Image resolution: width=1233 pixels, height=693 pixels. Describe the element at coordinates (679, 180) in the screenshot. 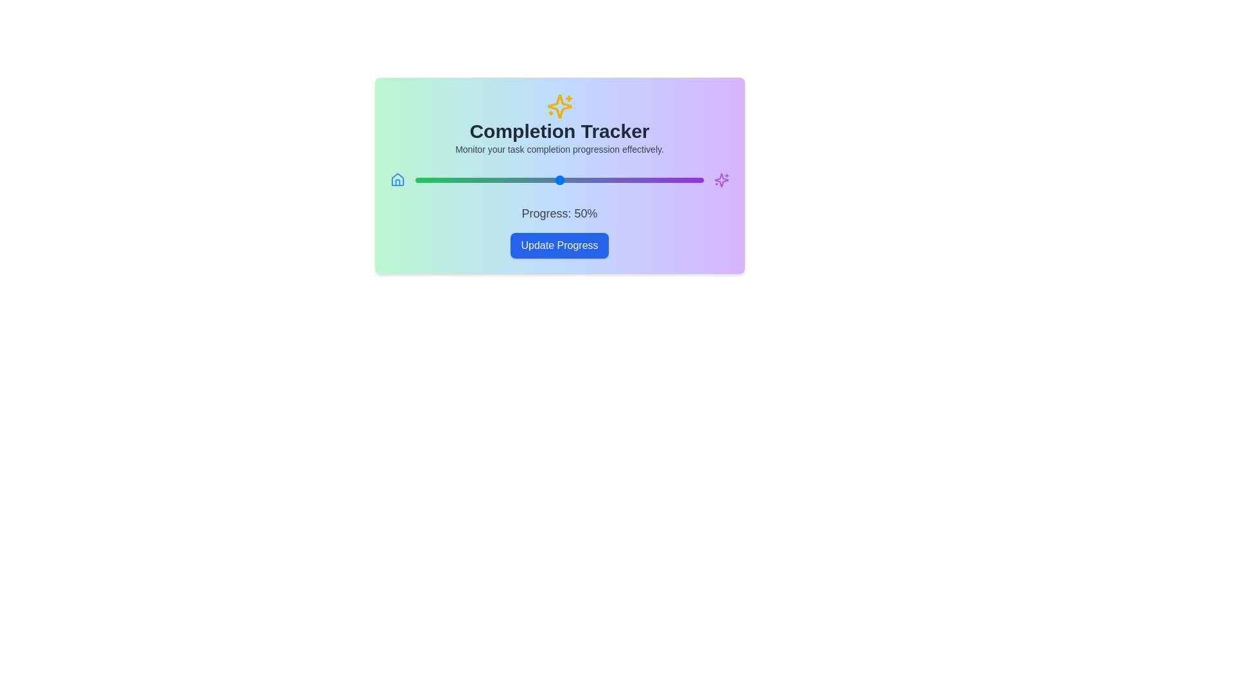

I see `the slider to set progress to 92%` at that location.